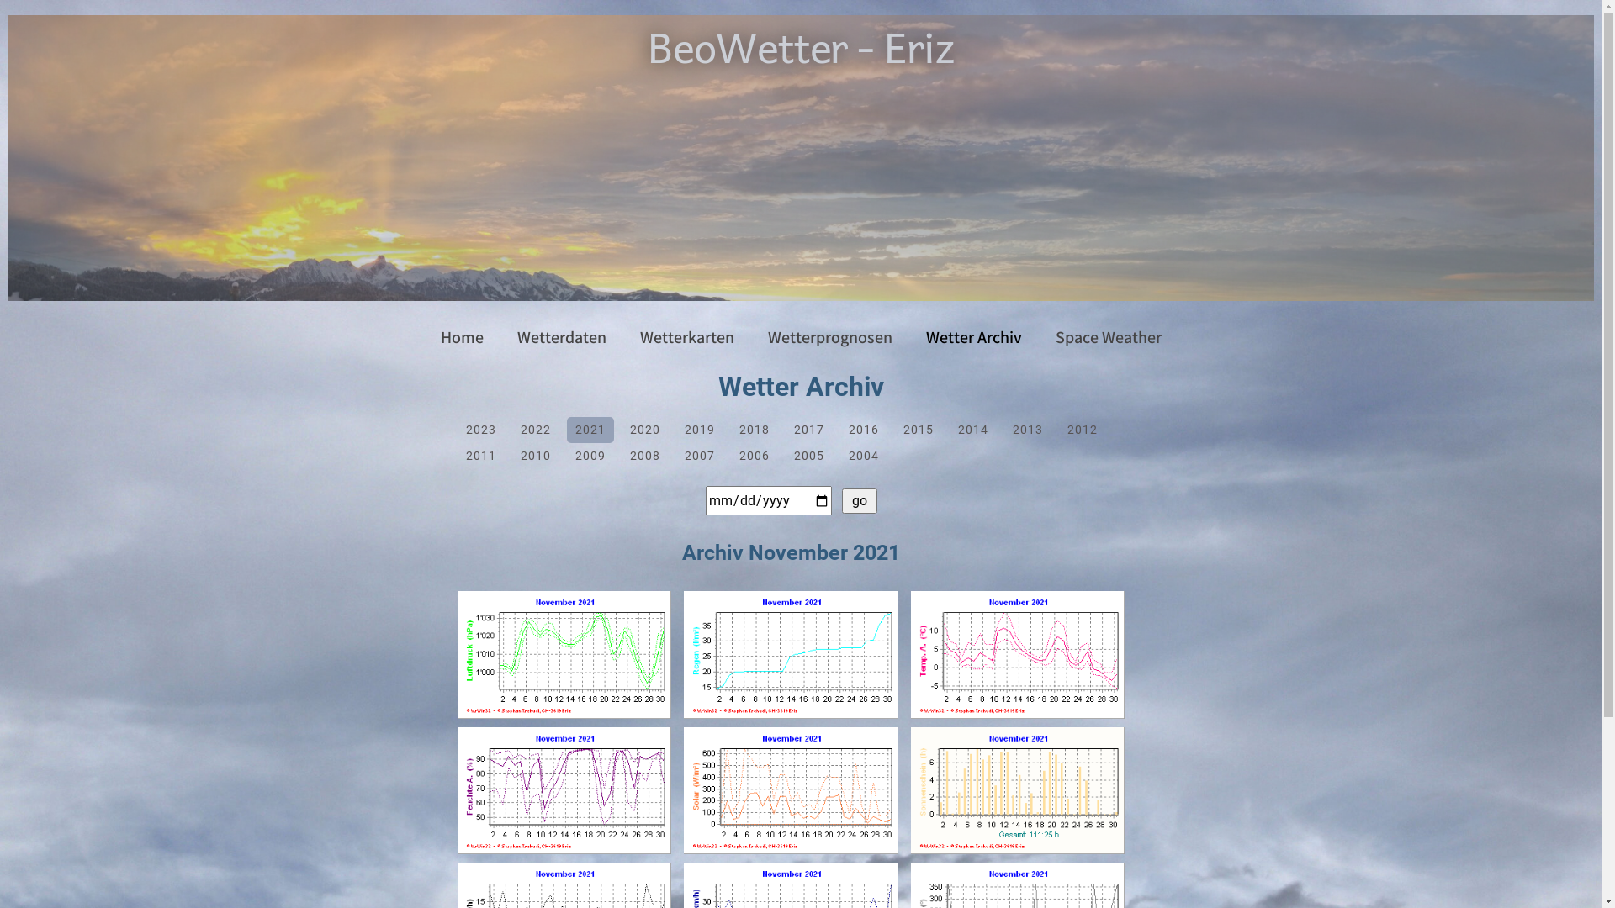  I want to click on '2004', so click(839, 456).